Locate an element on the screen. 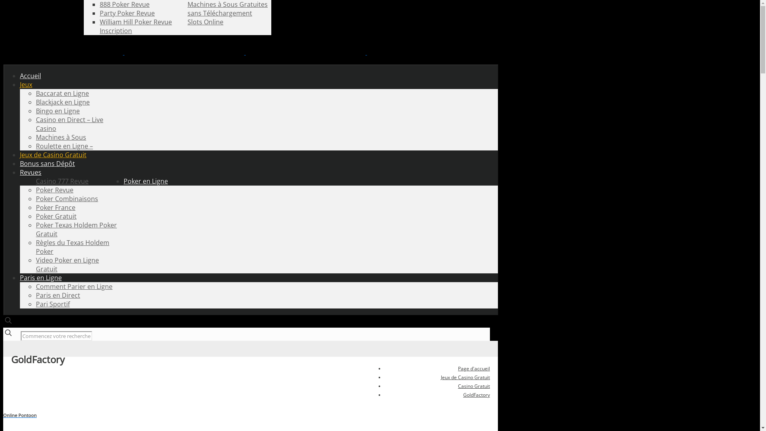  'Pari Sportif' is located at coordinates (52, 304).